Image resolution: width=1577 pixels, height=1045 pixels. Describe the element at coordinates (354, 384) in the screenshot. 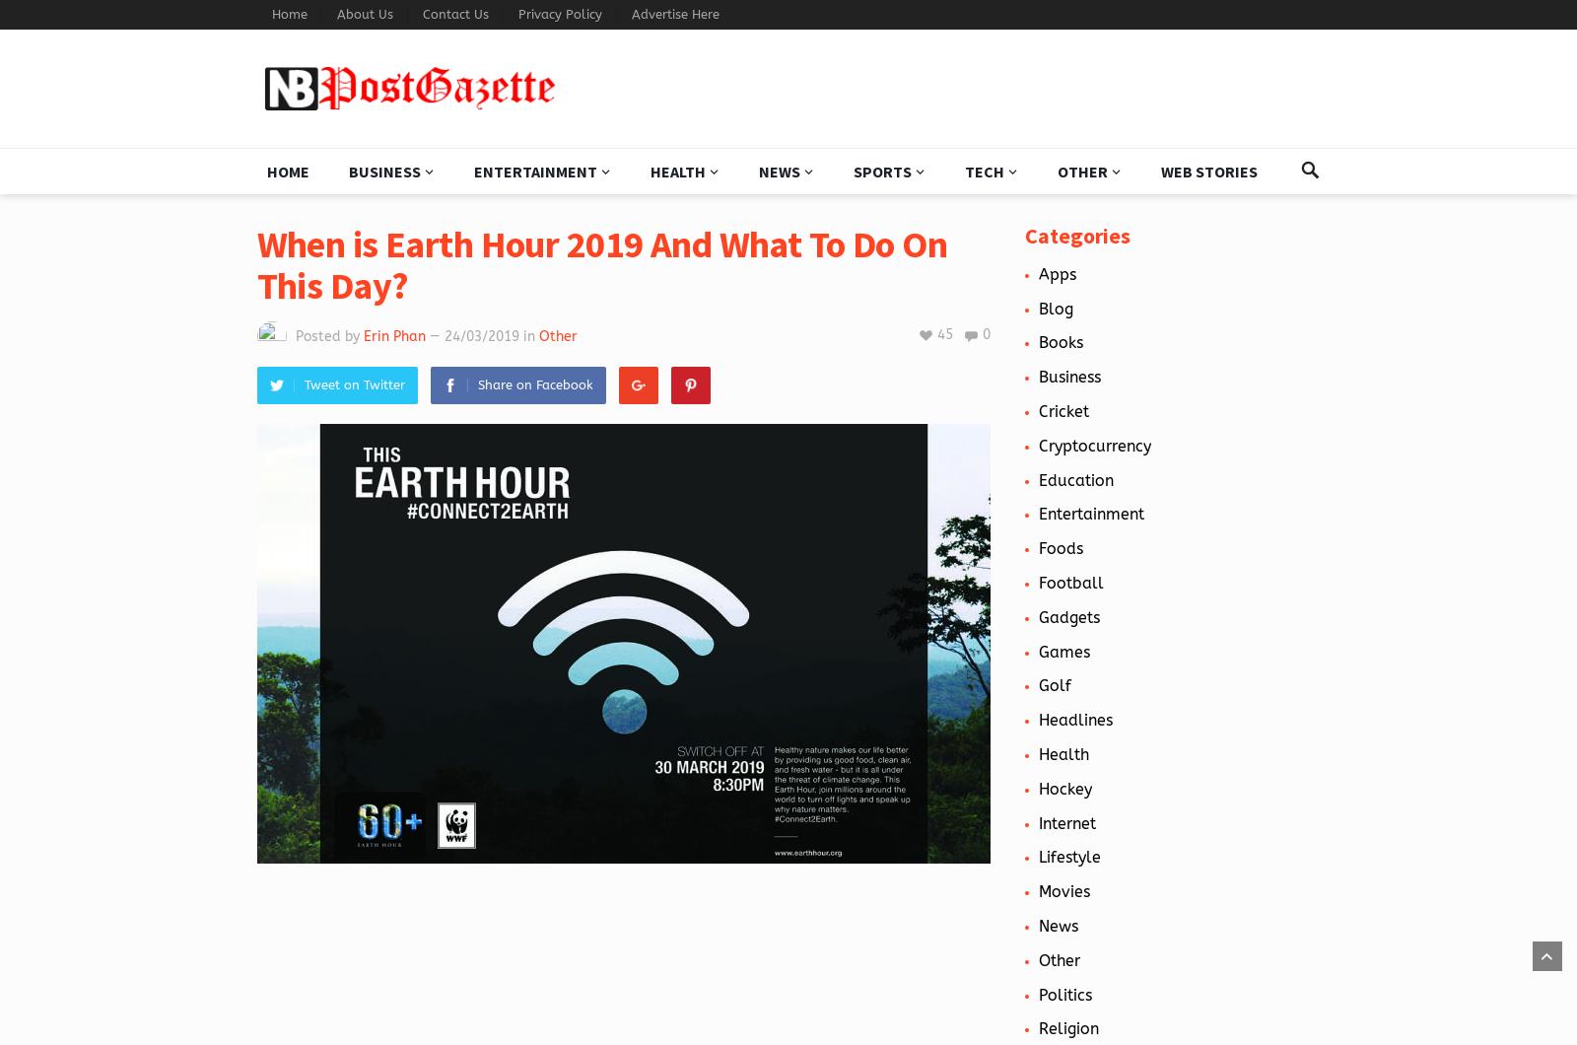

I see `'Tweet on Twitter'` at that location.